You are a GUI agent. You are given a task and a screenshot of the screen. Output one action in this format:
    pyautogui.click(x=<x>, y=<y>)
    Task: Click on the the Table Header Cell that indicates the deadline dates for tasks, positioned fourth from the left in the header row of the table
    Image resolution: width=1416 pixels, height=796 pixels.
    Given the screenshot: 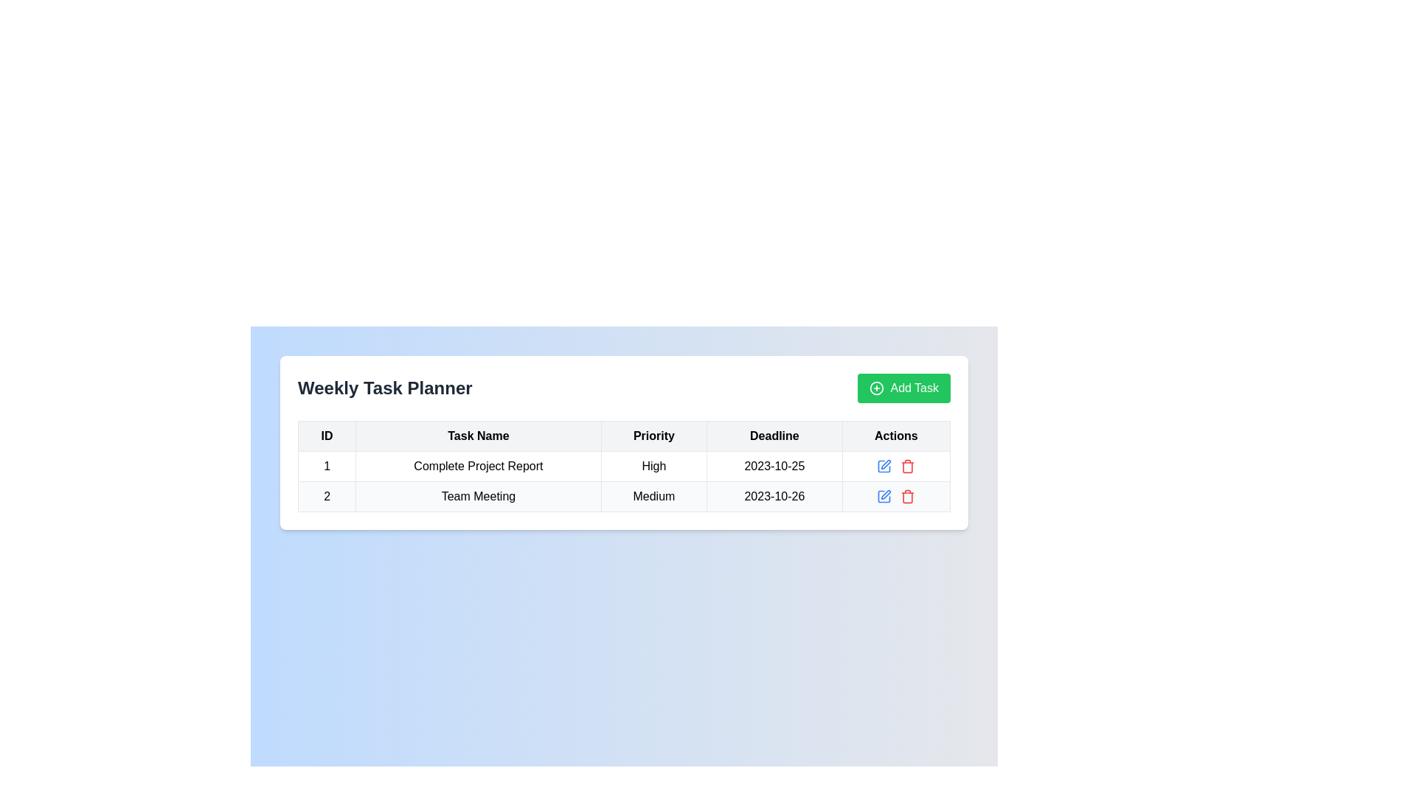 What is the action you would take?
    pyautogui.click(x=774, y=435)
    